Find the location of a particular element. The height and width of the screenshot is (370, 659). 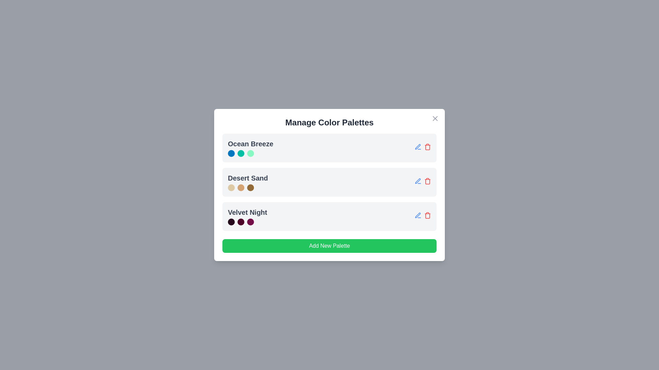

the edit icon for the palette named Ocean Breeze is located at coordinates (418, 146).